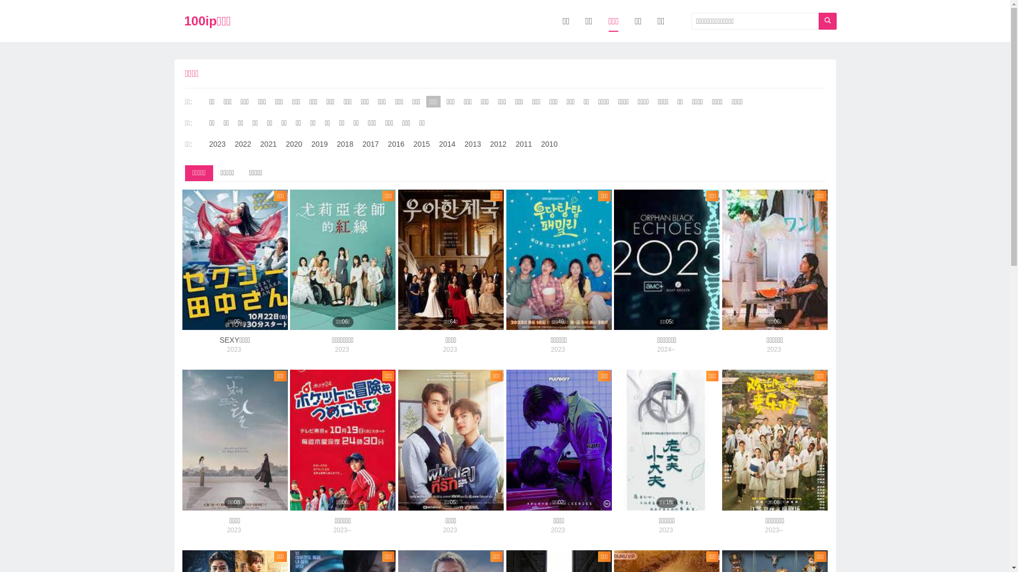 This screenshot has height=572, width=1018. What do you see at coordinates (345, 144) in the screenshot?
I see `'2018'` at bounding box center [345, 144].